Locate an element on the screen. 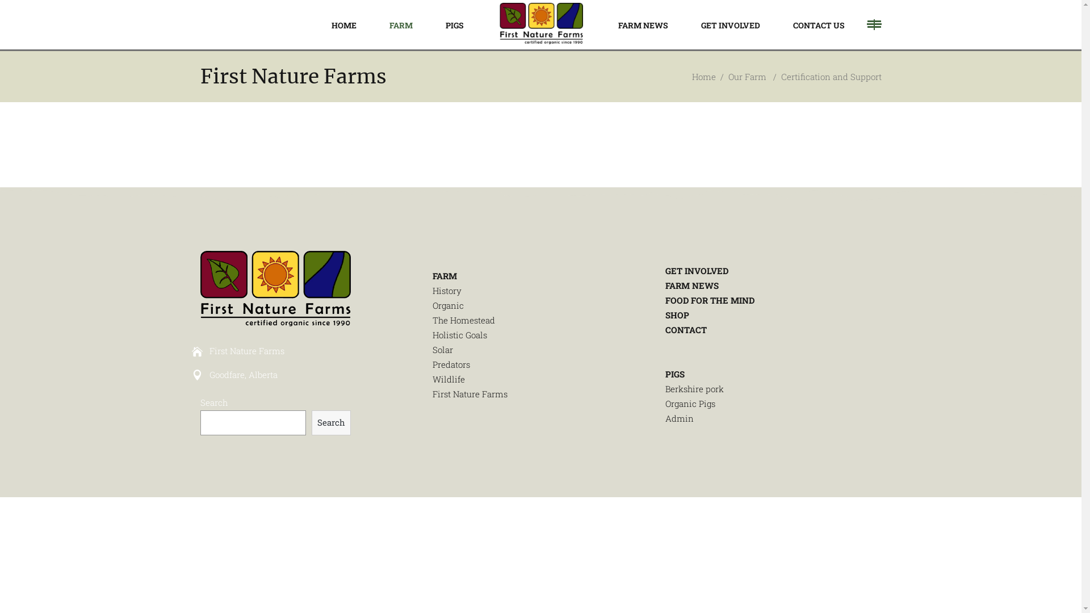 Image resolution: width=1090 pixels, height=613 pixels. 'FARM NEWS' is located at coordinates (643, 24).